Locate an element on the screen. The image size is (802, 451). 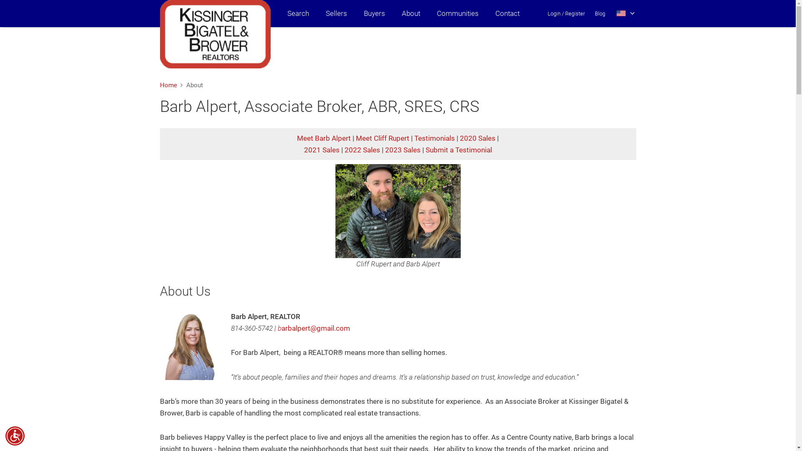
'Photo of Barb Alpert' is located at coordinates (190, 346).